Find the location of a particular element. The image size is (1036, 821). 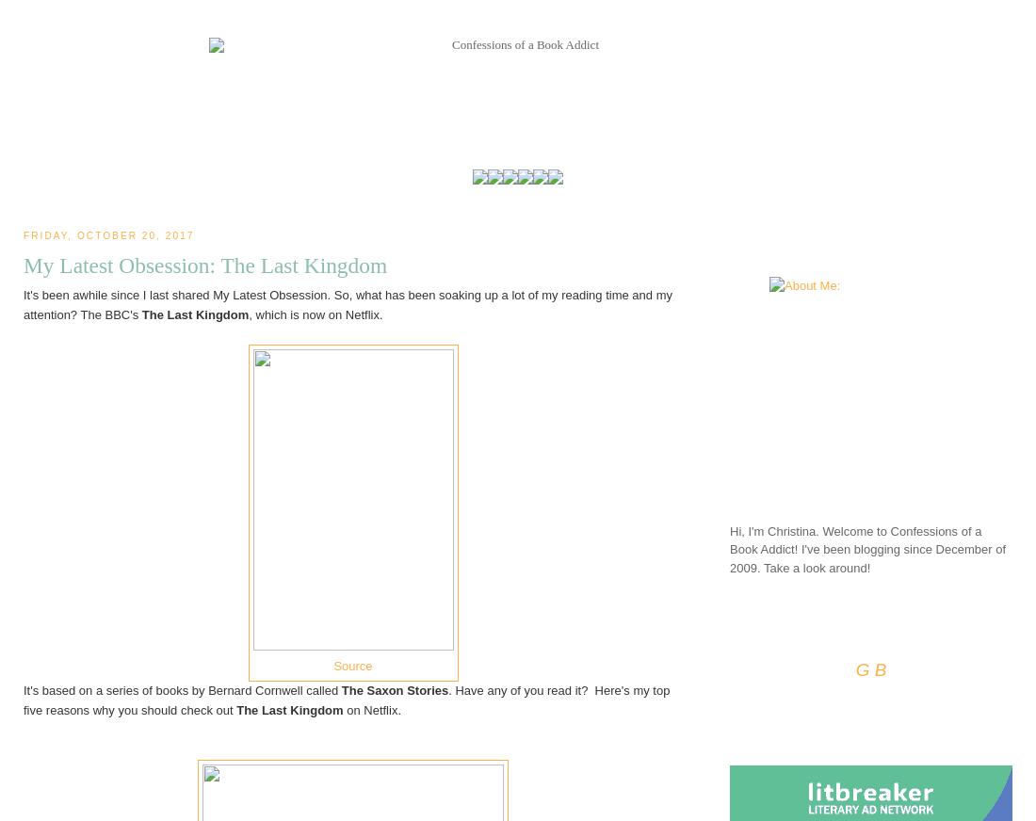

'Kingdom' is located at coordinates (221, 314).